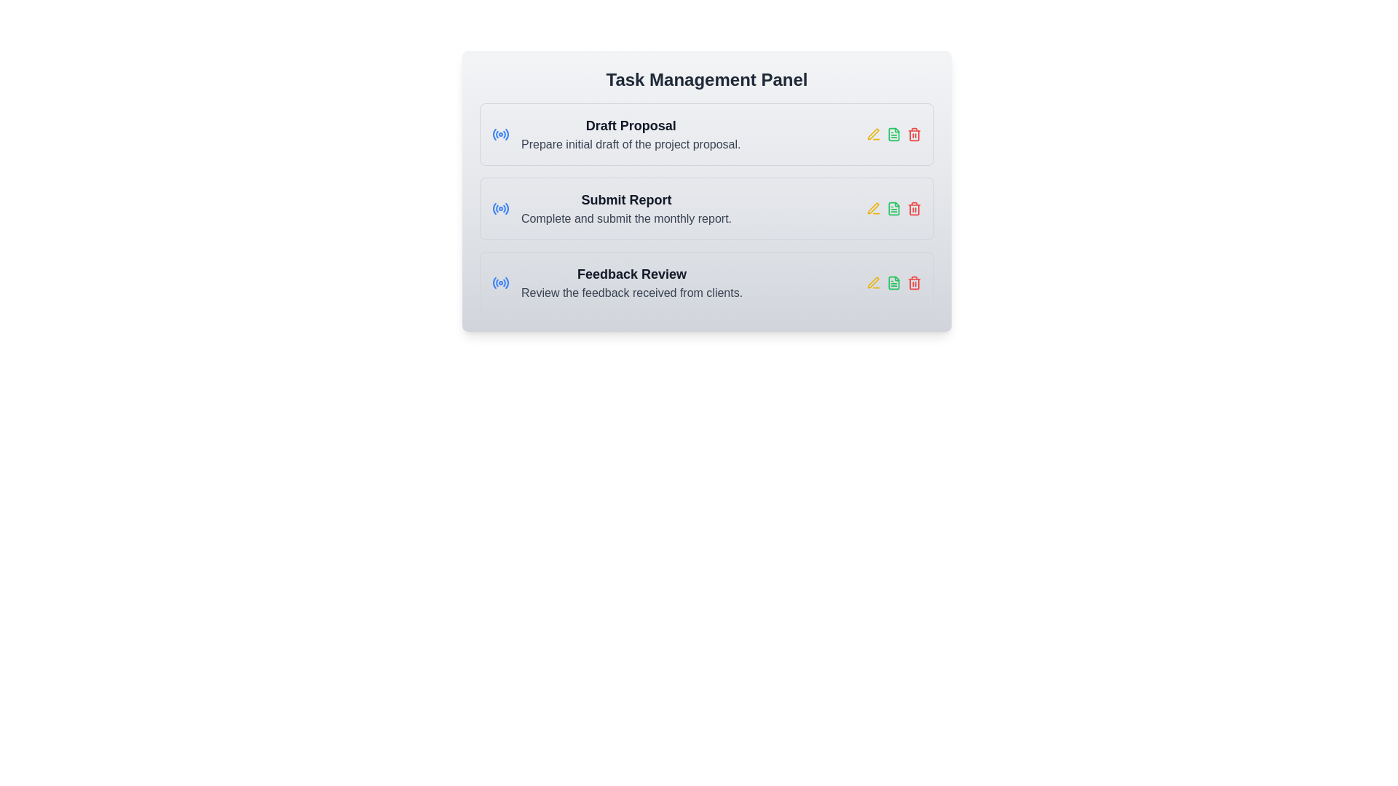  Describe the element at coordinates (632, 274) in the screenshot. I see `the 'Feedback Review' text label, which is bold and prominently displayed in dark gray against a light gray background, located in the bottom row of the task list interface under the 'Task Management Panel'` at that location.